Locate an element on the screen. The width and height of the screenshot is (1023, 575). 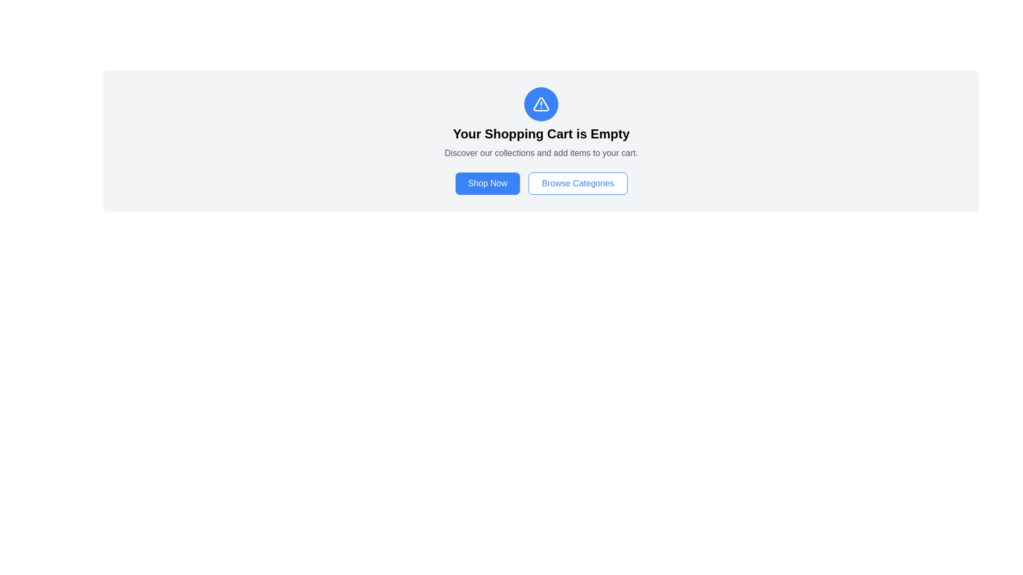
the 'Browse Categories' button located within the horizontally aligned group of two buttons beneath the empty shopping cart explanation to initiate browsing categories is located at coordinates (541, 183).